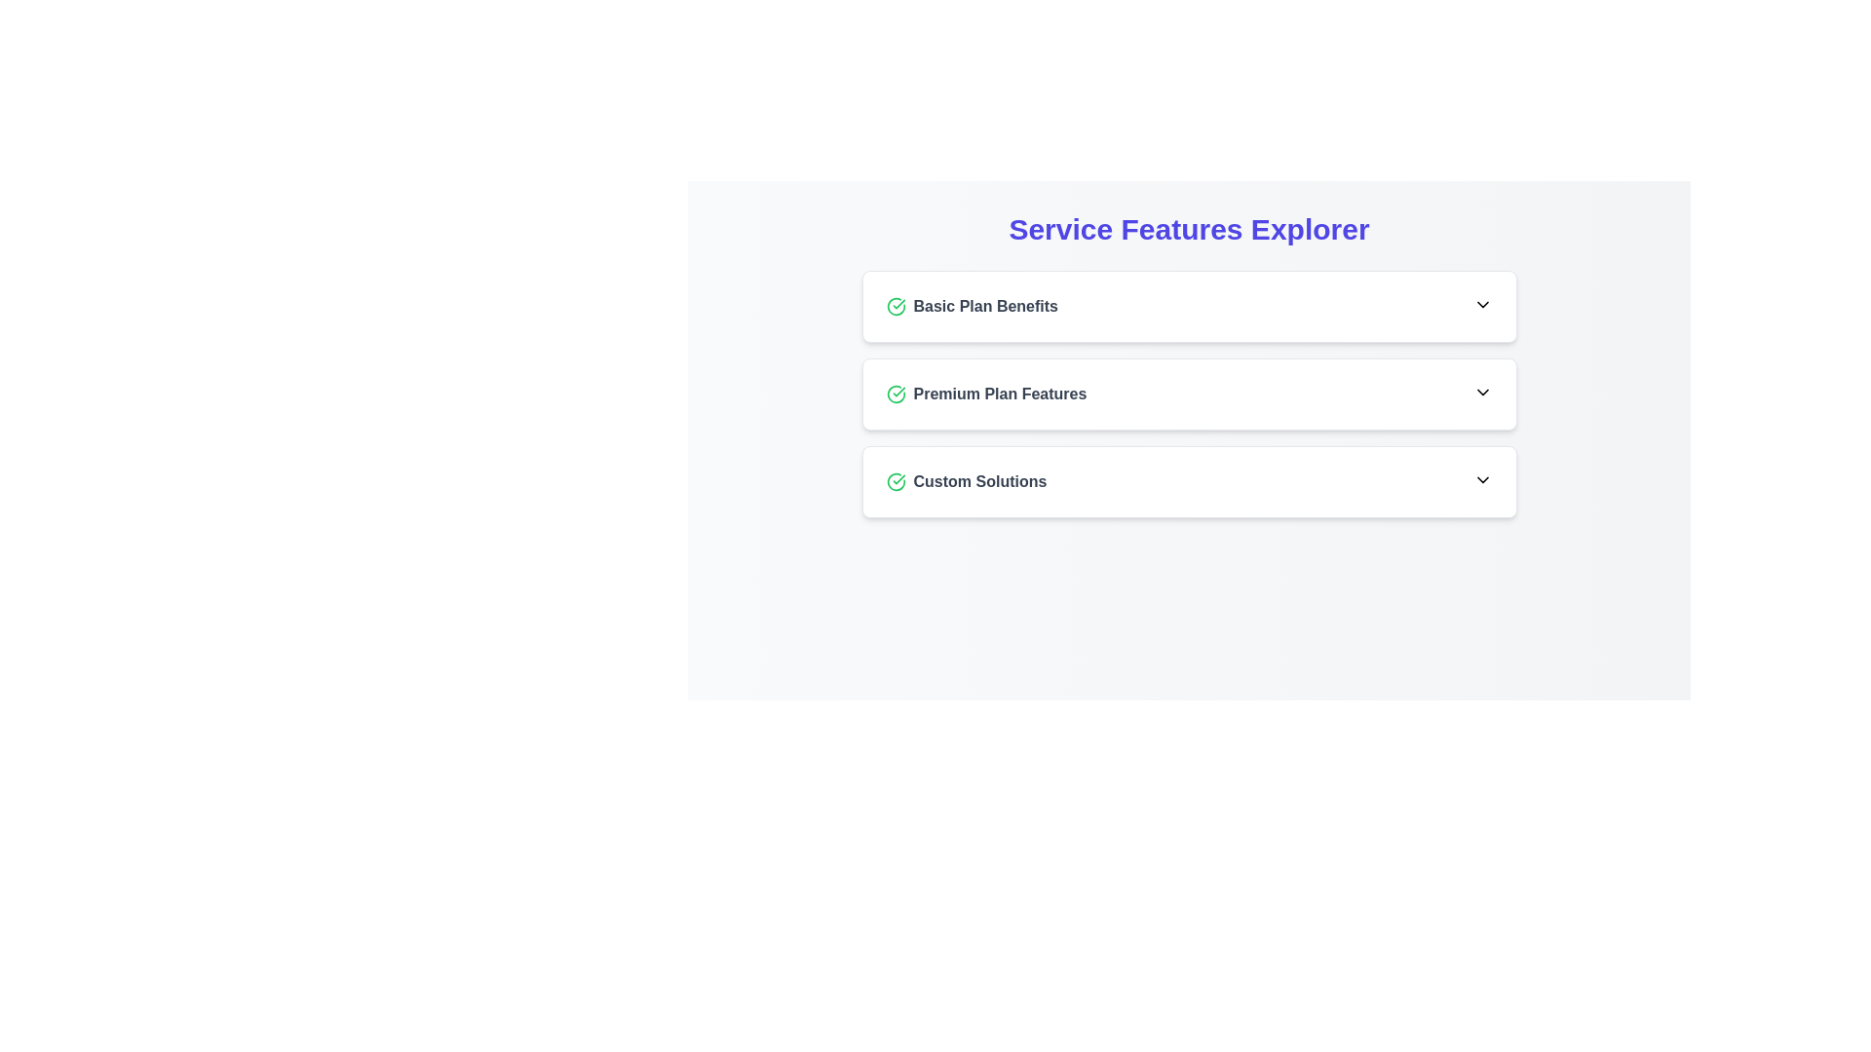 The image size is (1871, 1052). Describe the element at coordinates (986, 394) in the screenshot. I see `text 'Premium Plan Features' from the label in the Service Features Explorer section, which is visually positioned between 'Basic Plan Benefits' and 'Custom Solutions'` at that location.